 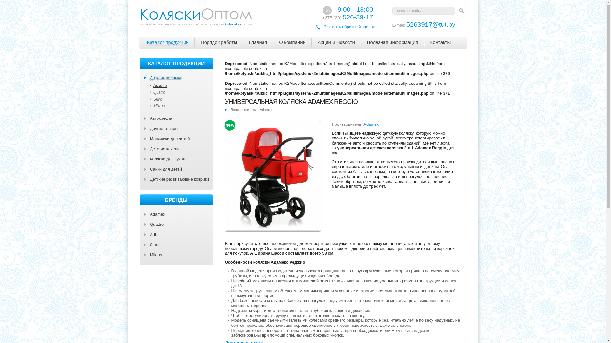 I want to click on 'Mikrus', so click(x=144, y=254).